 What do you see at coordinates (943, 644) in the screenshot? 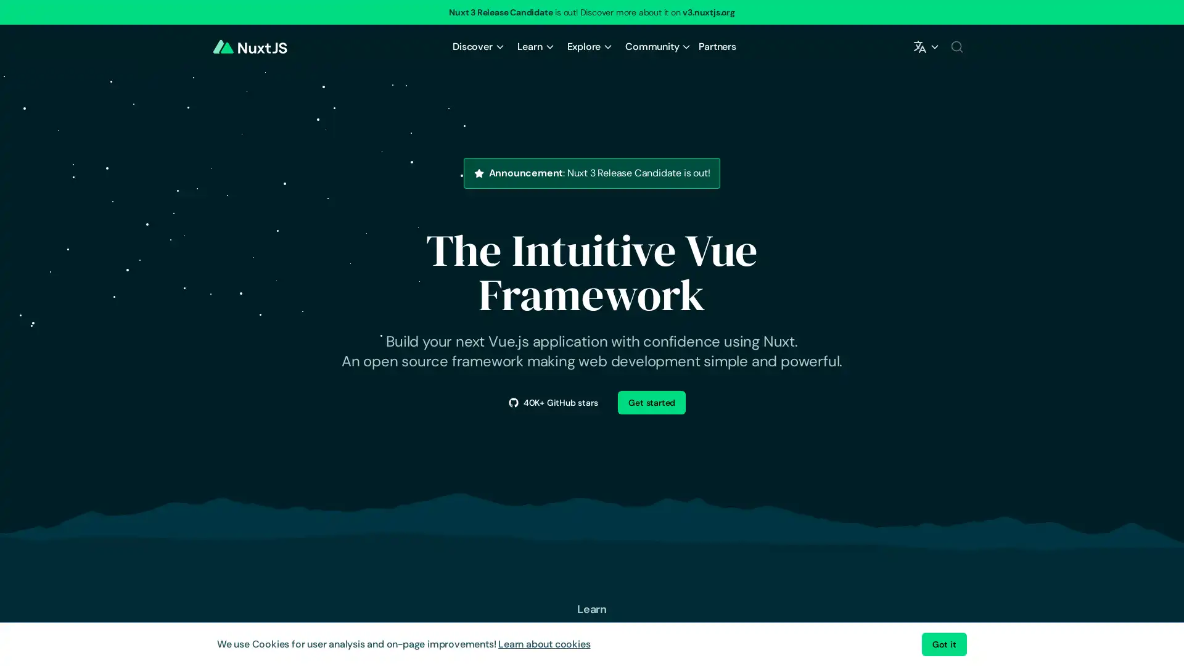
I see `Got it` at bounding box center [943, 644].